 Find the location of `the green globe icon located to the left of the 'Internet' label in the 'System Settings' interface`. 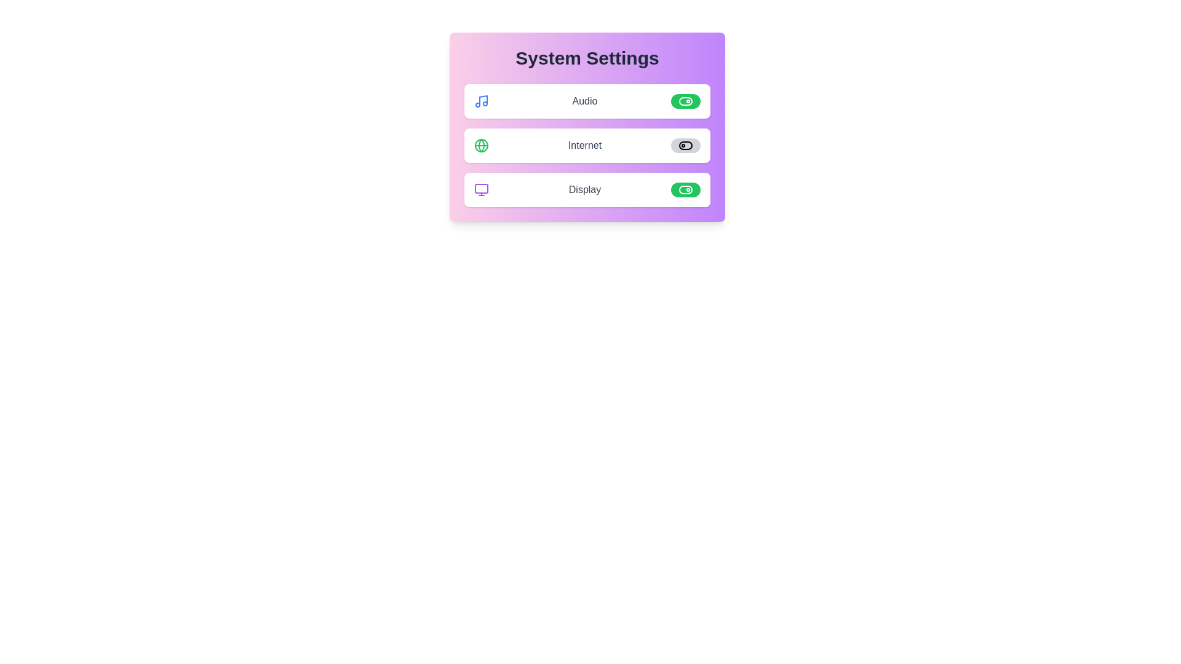

the green globe icon located to the left of the 'Internet' label in the 'System Settings' interface is located at coordinates (480, 144).